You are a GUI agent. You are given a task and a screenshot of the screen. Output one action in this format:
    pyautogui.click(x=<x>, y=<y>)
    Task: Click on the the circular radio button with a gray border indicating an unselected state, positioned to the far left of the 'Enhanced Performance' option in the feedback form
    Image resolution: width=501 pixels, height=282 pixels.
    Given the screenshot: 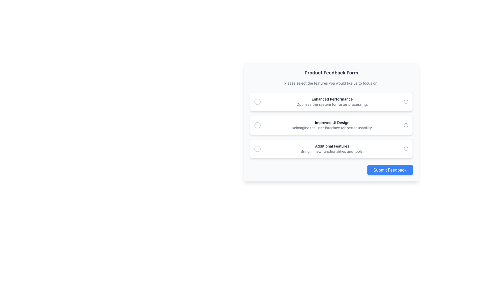 What is the action you would take?
    pyautogui.click(x=258, y=102)
    